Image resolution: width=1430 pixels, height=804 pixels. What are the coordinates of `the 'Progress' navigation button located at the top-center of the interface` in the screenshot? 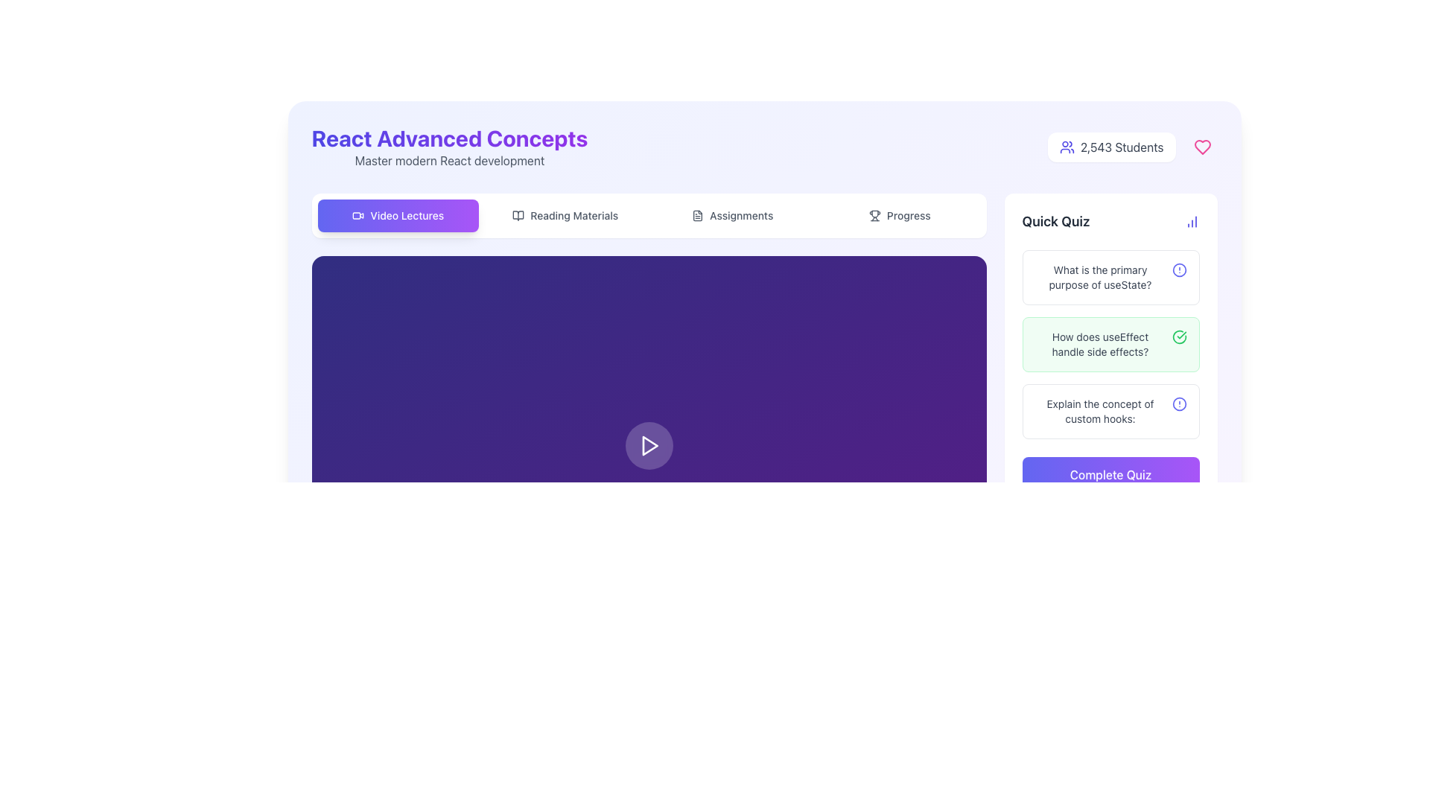 It's located at (899, 215).